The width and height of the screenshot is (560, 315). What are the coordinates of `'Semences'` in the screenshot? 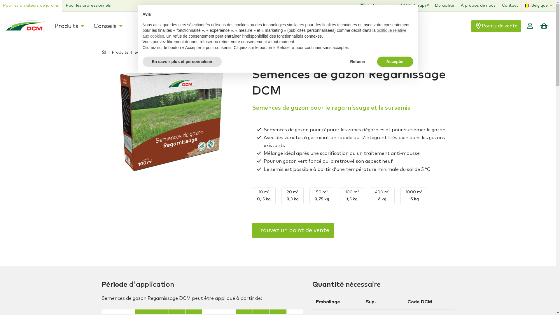 It's located at (130, 52).